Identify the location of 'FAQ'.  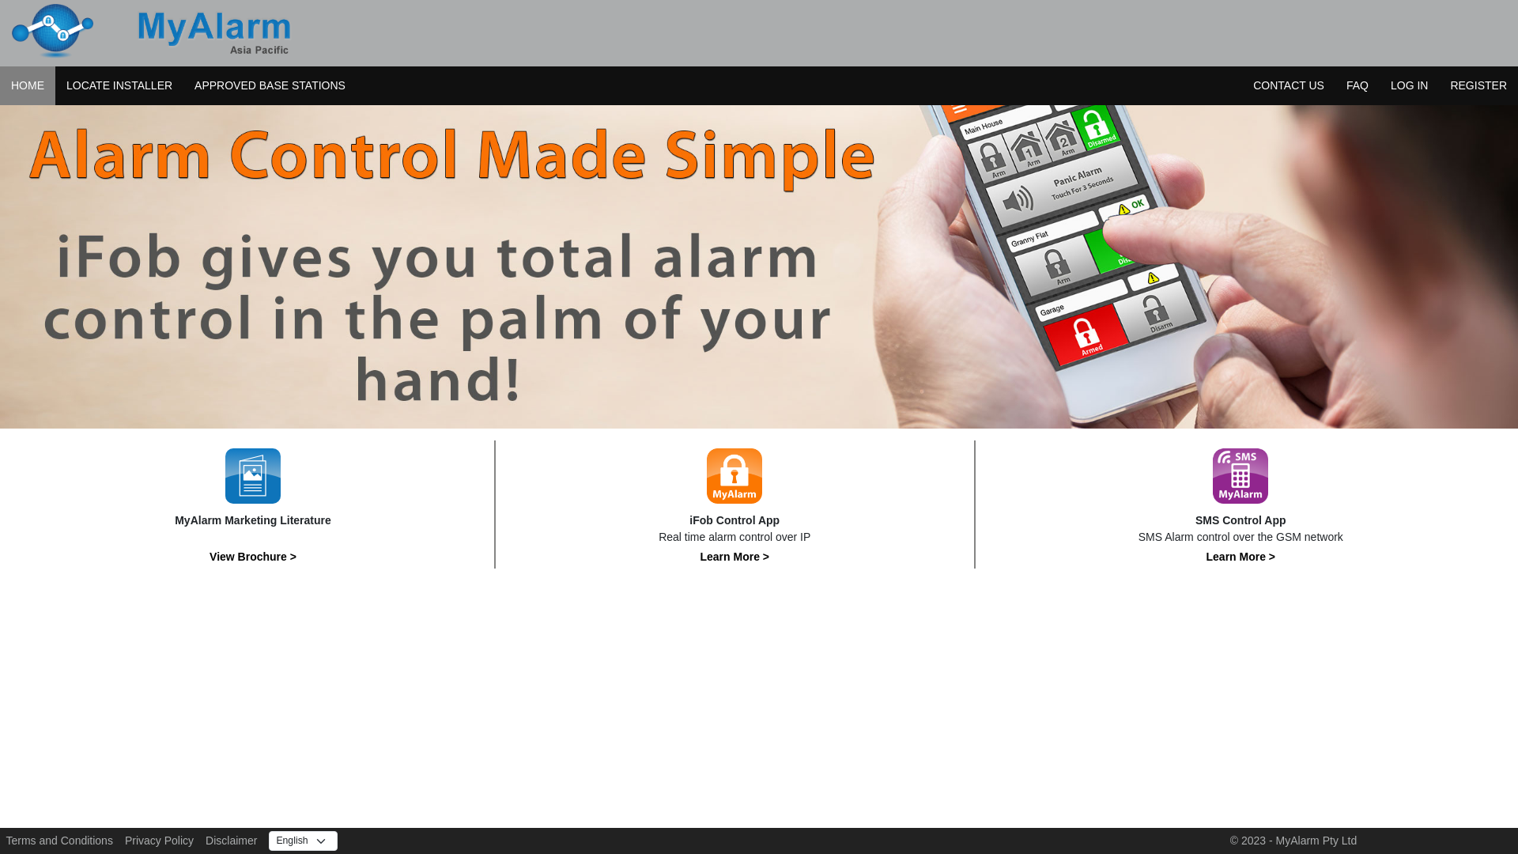
(1357, 85).